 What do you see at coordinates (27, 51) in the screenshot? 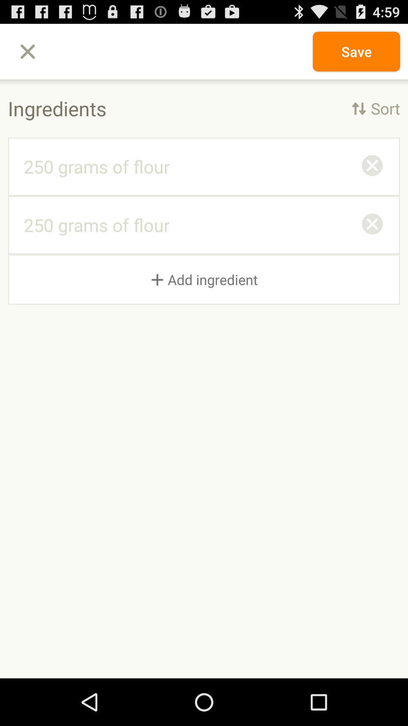
I see `the item next to the save item` at bounding box center [27, 51].